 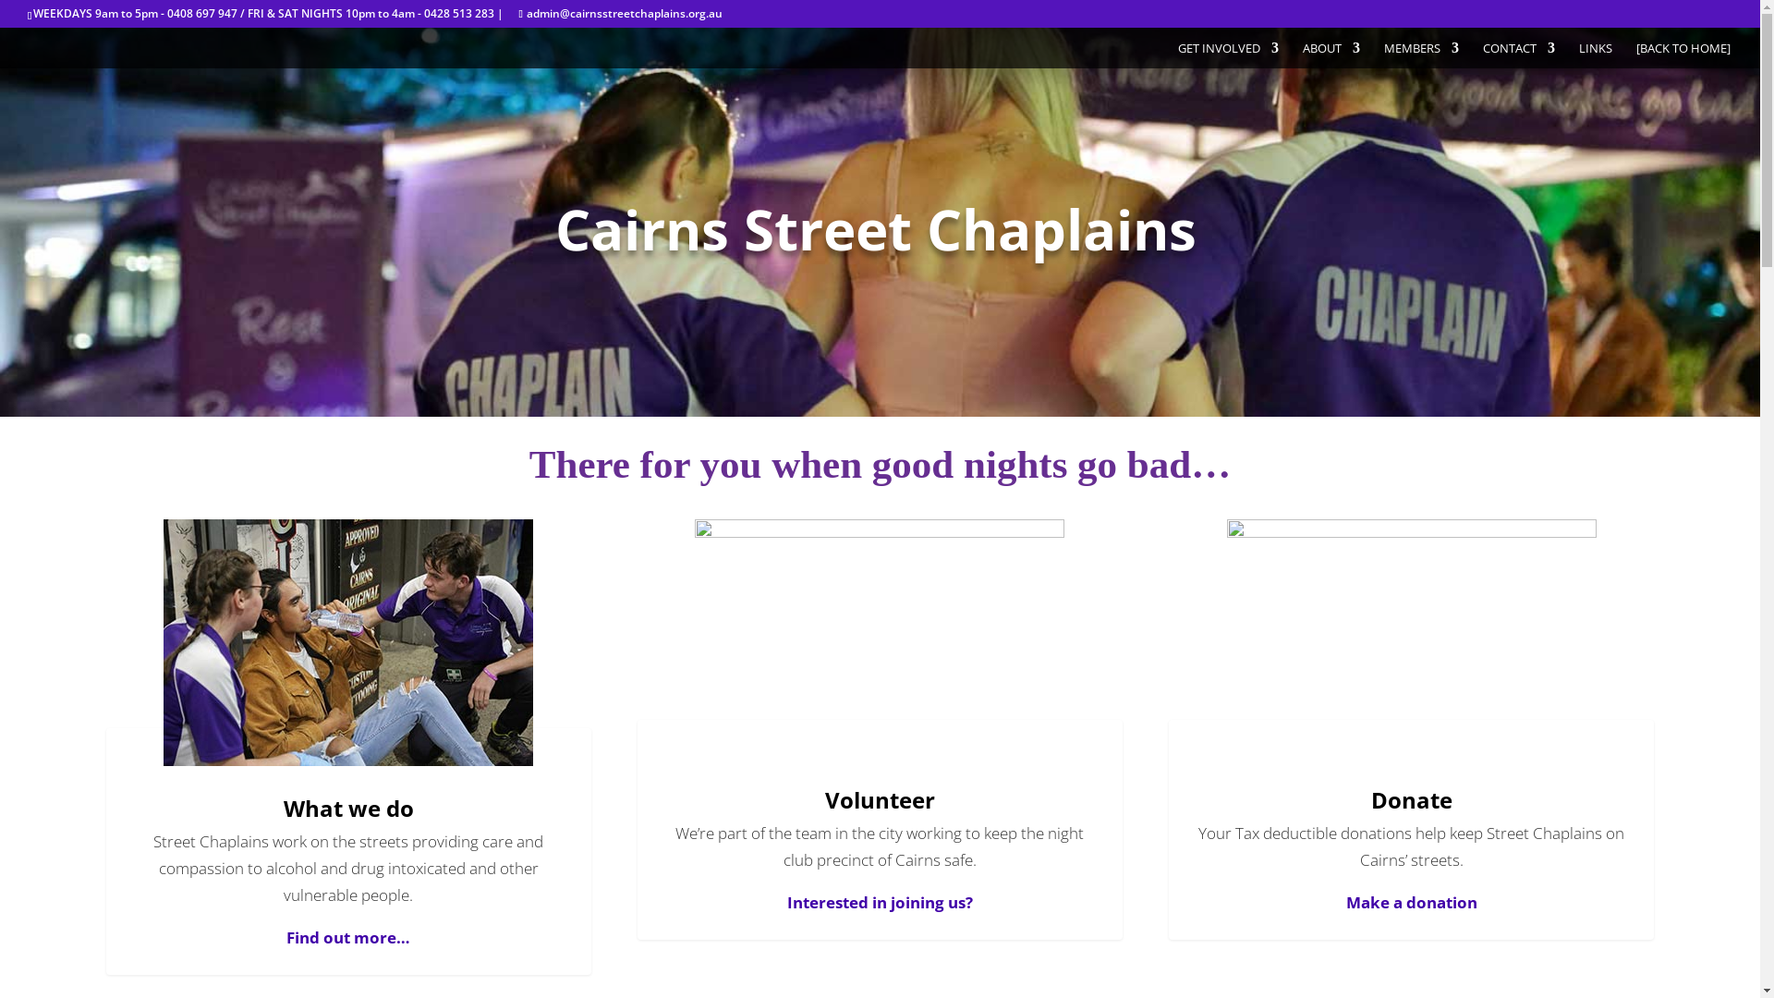 I want to click on 'ABOUT', so click(x=1302, y=54).